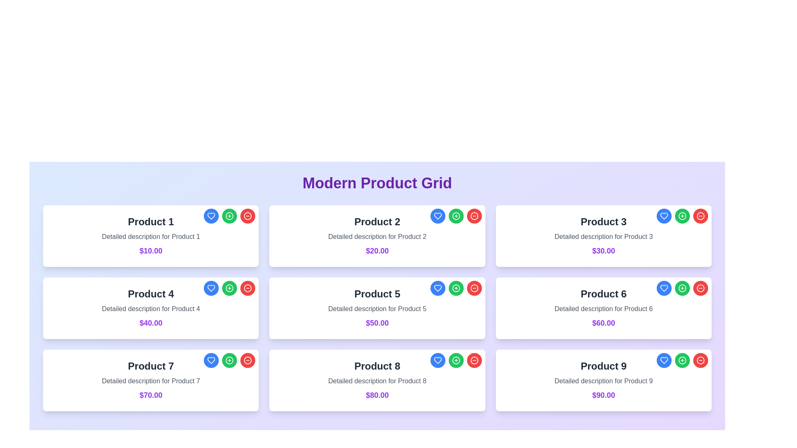  I want to click on supplementary description text for 'Product 7', located below the title and above the price in the product card, so click(151, 381).